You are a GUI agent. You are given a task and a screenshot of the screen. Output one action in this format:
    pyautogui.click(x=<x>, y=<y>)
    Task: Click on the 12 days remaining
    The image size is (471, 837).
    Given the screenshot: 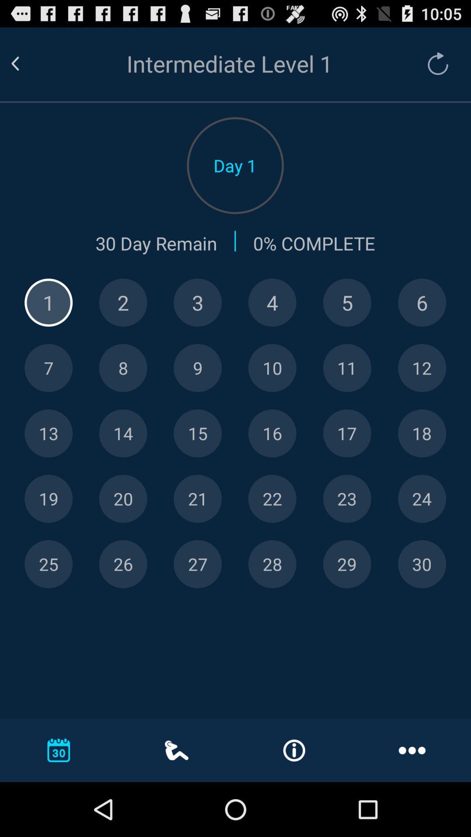 What is the action you would take?
    pyautogui.click(x=421, y=368)
    